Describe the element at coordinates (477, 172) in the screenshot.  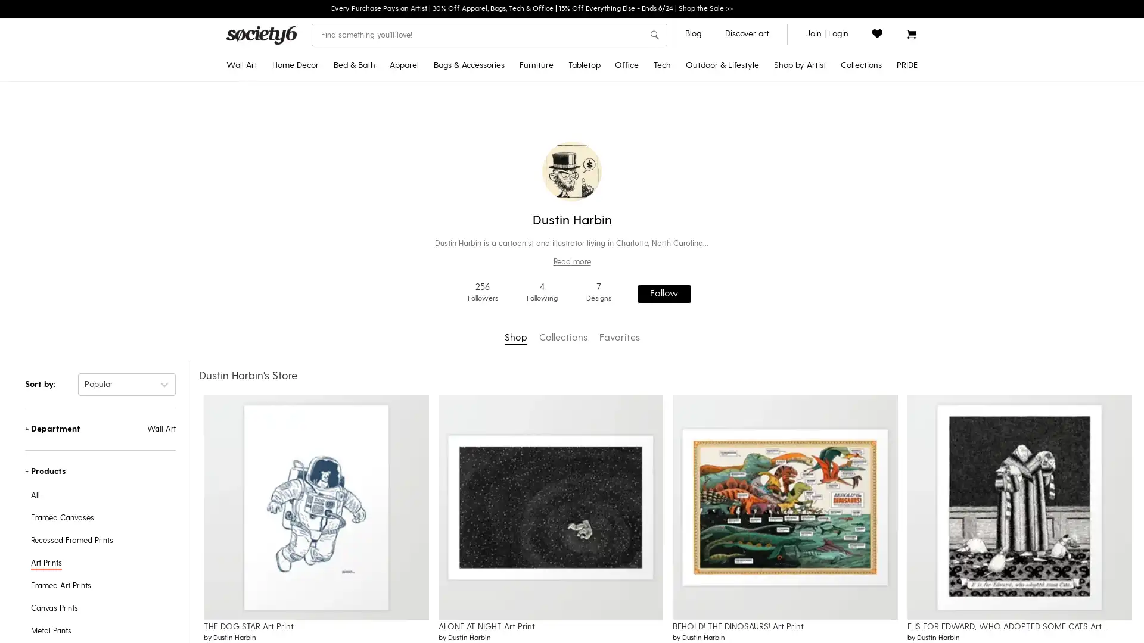
I see `Socks` at that location.